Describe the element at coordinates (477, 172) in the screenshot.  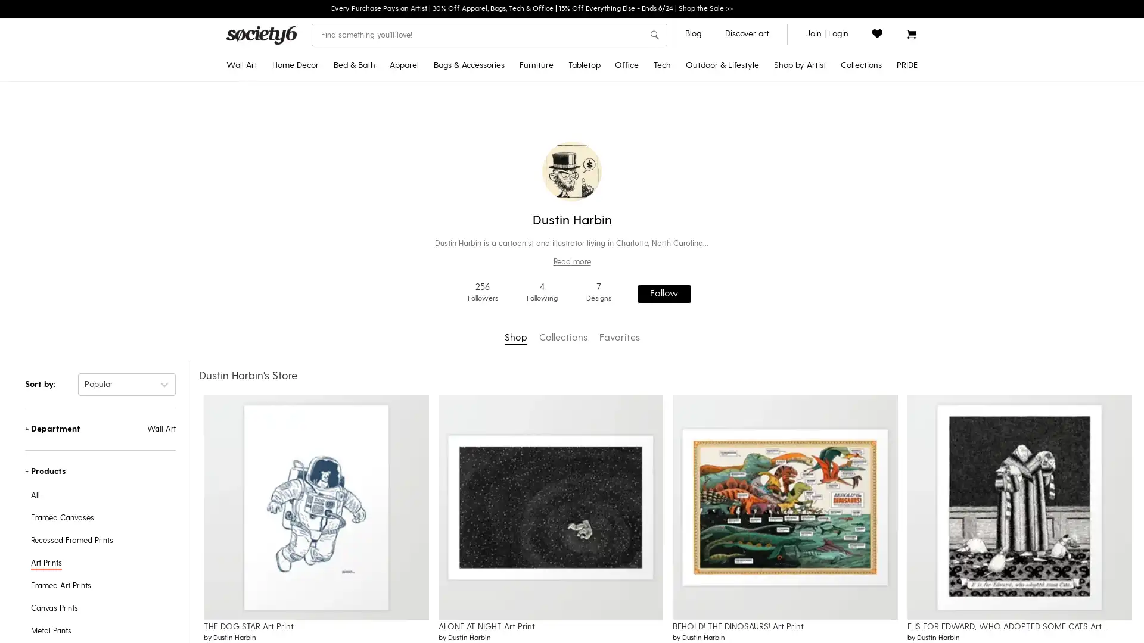
I see `Socks` at that location.